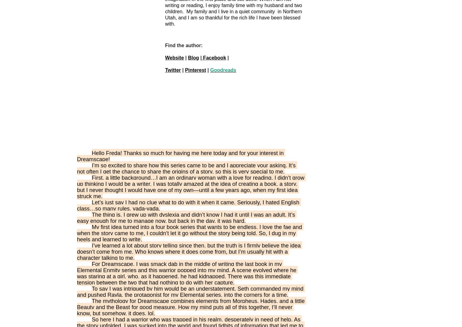  Describe the element at coordinates (173, 70) in the screenshot. I see `'Twitter'` at that location.